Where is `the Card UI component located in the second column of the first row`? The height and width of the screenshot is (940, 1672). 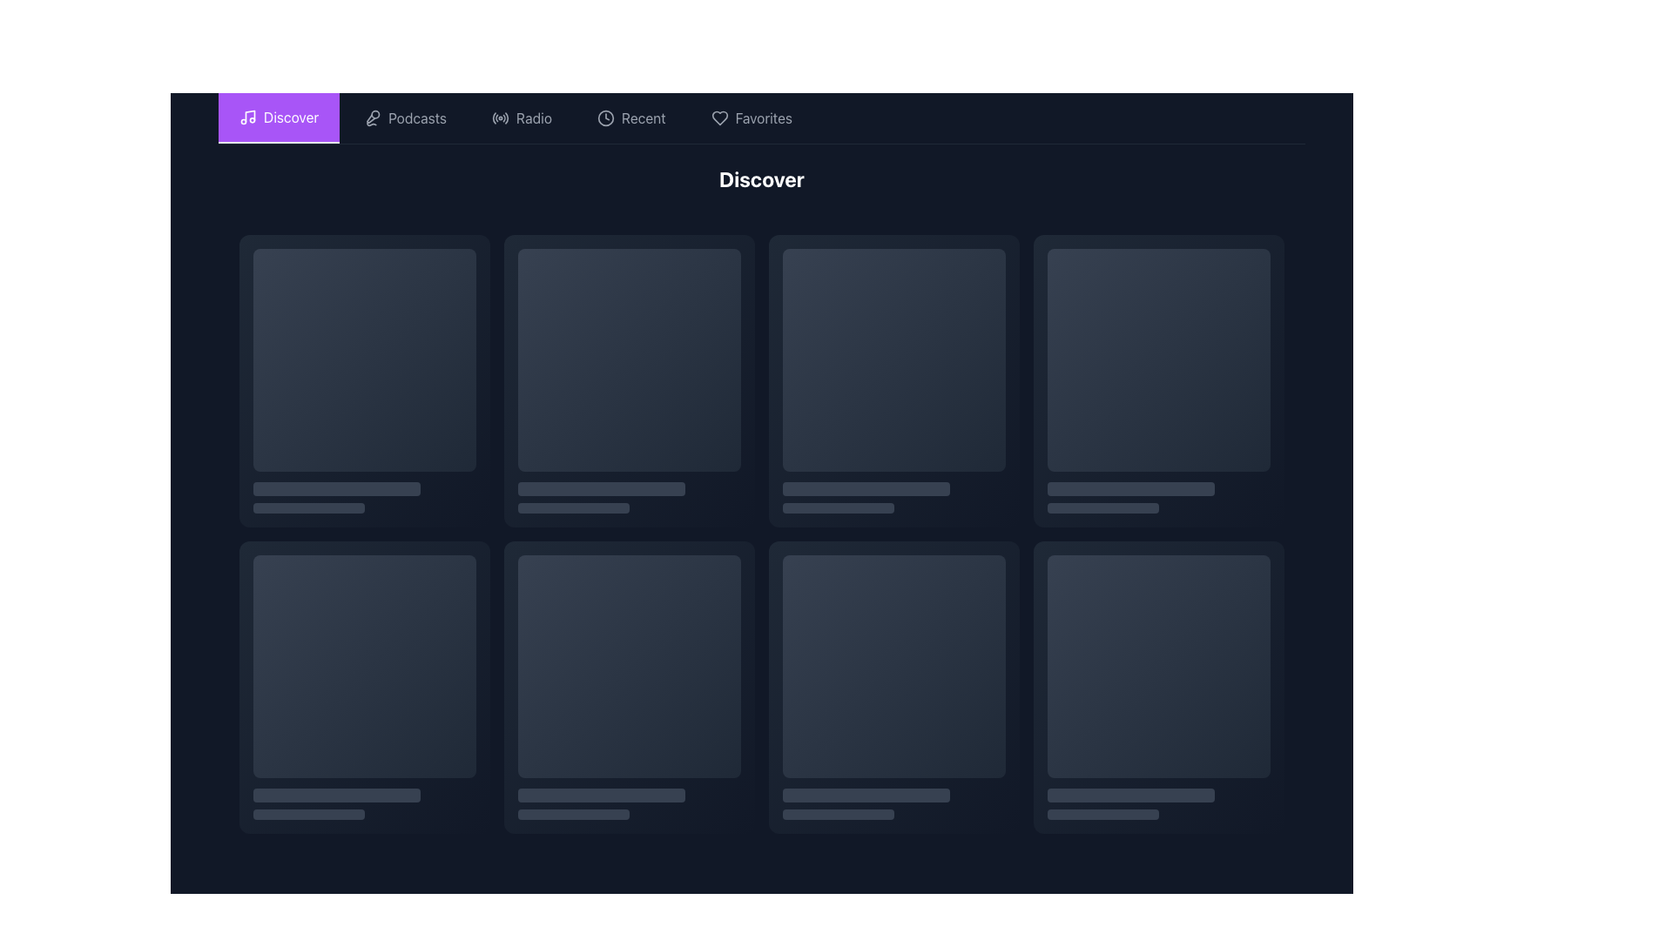
the Card UI component located in the second column of the first row is located at coordinates (629, 380).